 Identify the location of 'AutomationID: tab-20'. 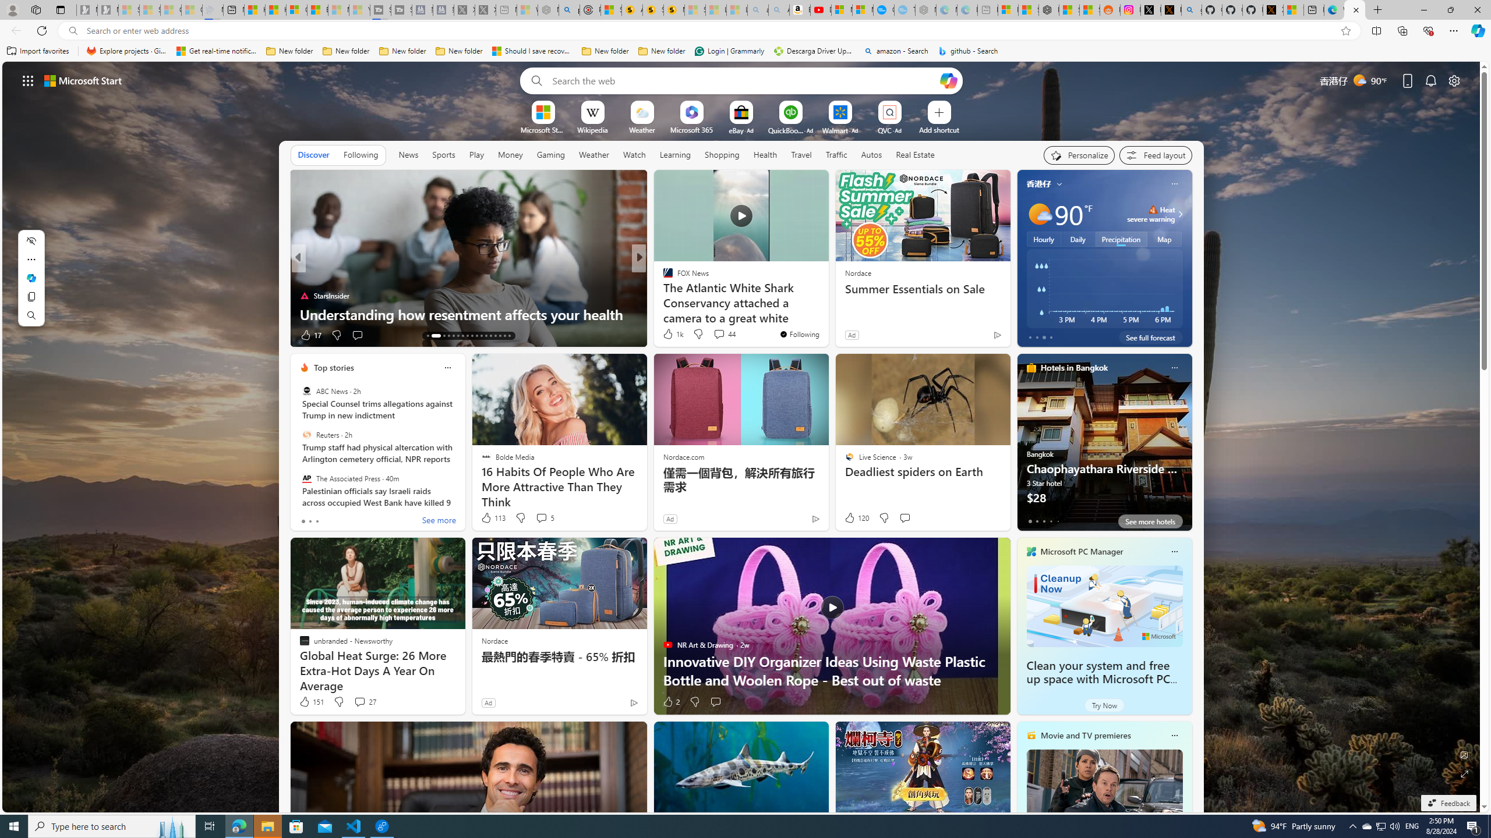
(467, 336).